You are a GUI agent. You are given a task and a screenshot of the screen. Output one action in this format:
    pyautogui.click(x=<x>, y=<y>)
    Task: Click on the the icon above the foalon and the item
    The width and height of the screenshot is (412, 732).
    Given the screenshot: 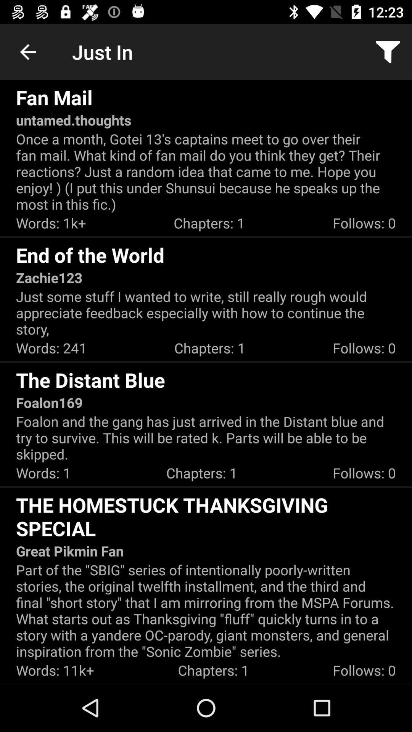 What is the action you would take?
    pyautogui.click(x=49, y=402)
    